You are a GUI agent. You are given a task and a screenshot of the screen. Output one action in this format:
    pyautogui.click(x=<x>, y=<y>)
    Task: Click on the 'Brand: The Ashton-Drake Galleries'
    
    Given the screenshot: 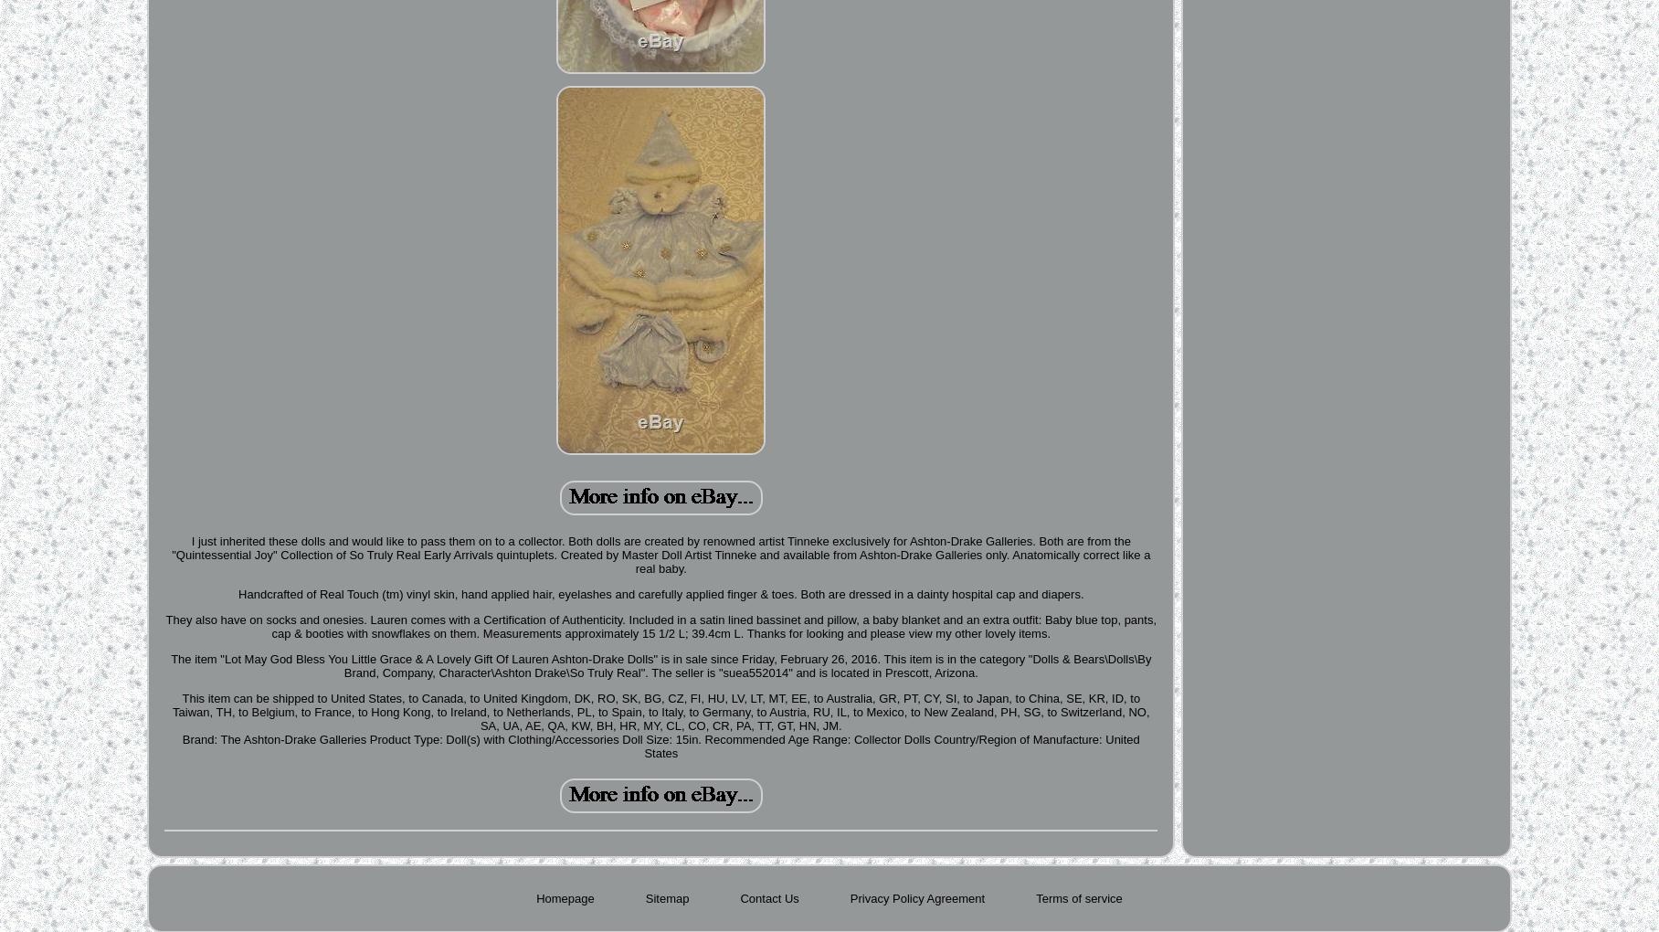 What is the action you would take?
    pyautogui.click(x=273, y=739)
    